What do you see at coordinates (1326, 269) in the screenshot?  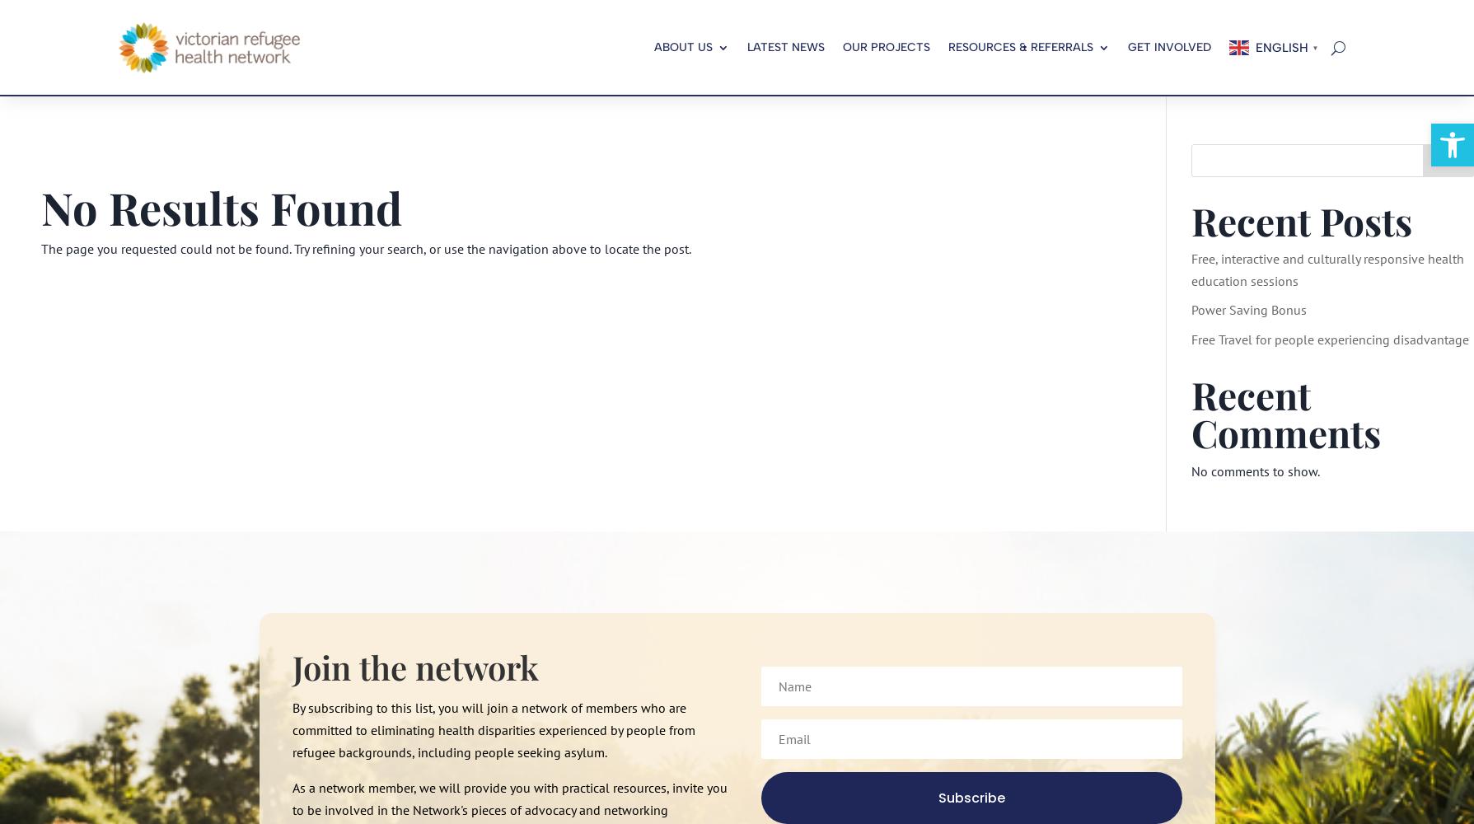 I see `'Free, interactive and culturally responsive health education sessions'` at bounding box center [1326, 269].